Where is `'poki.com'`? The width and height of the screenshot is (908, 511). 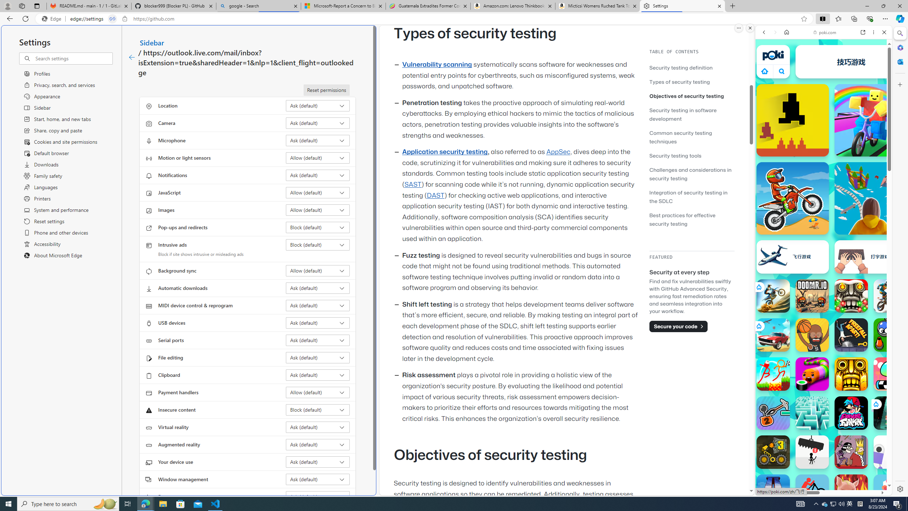
'poki.com' is located at coordinates (824, 32).